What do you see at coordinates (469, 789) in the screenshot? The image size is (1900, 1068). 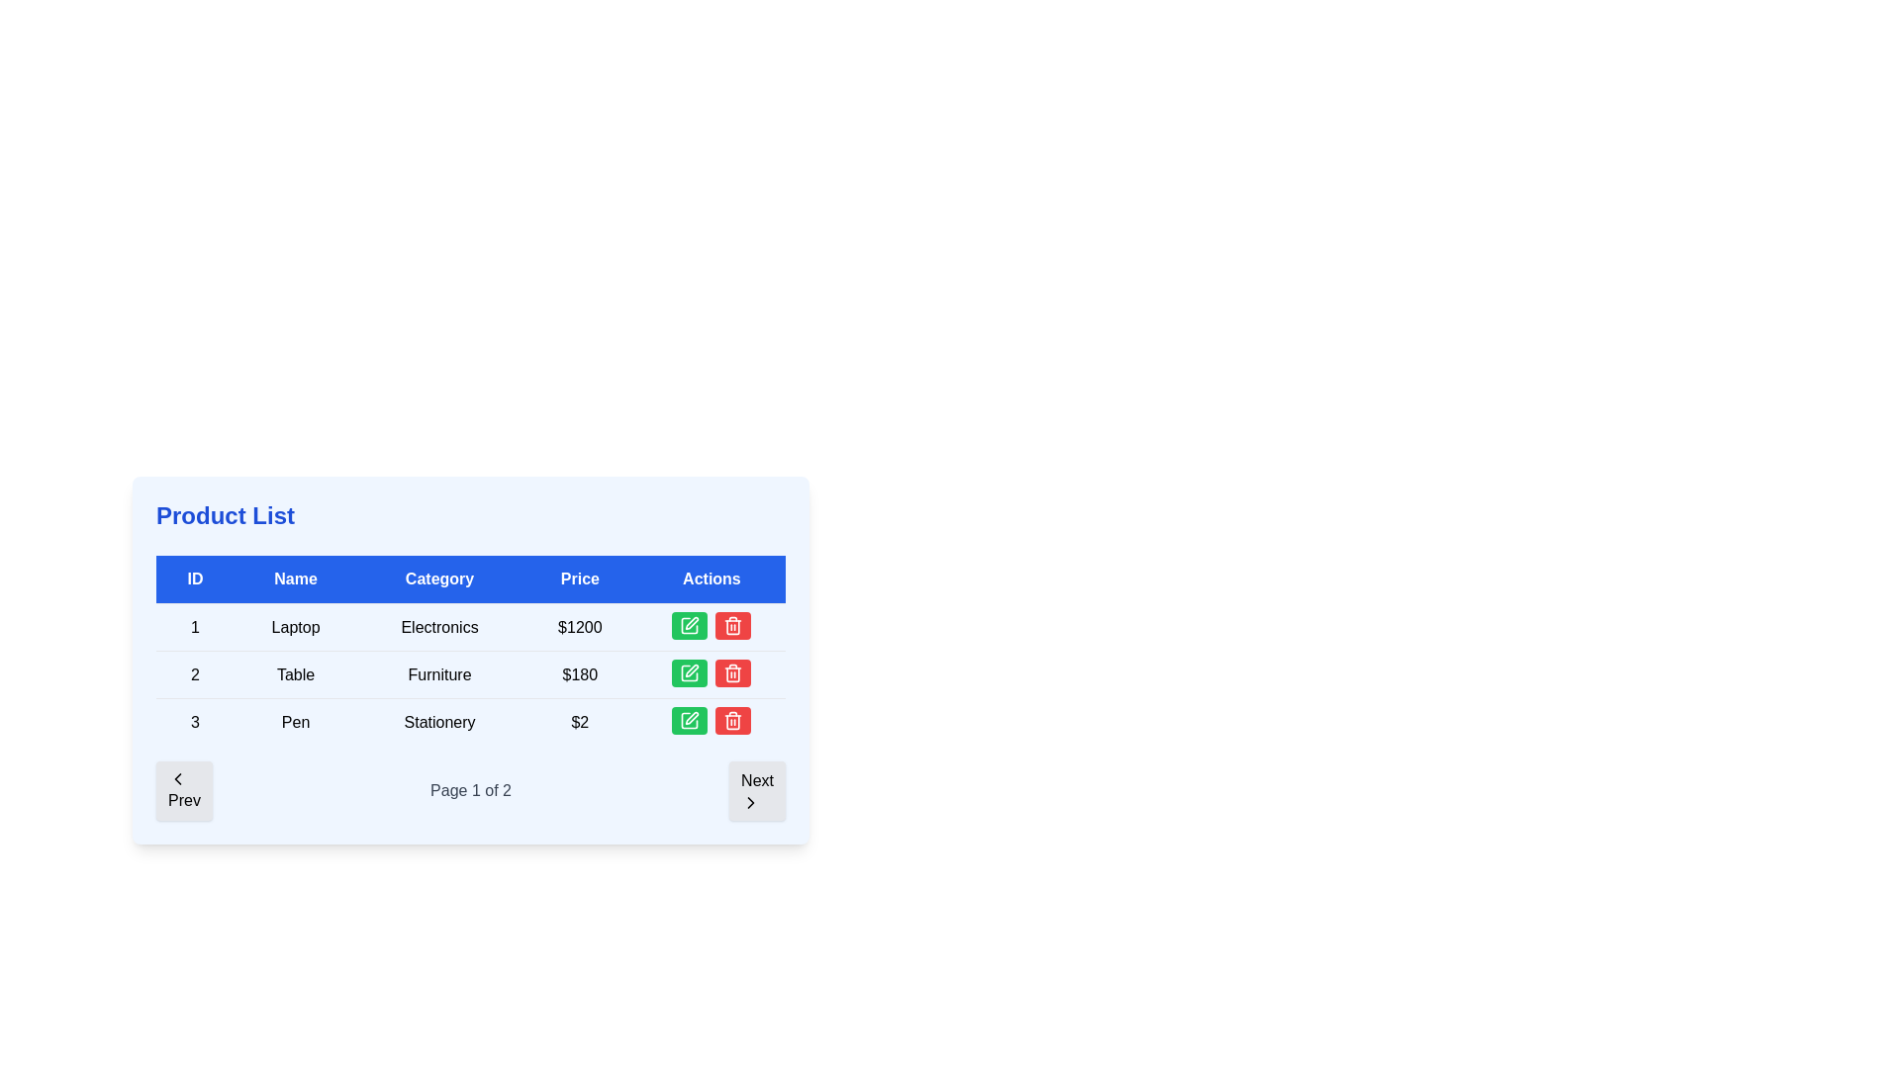 I see `the text label that indicates the current page number in the navigational footer section, positioned between the 'Prev' and 'Next' buttons` at bounding box center [469, 789].